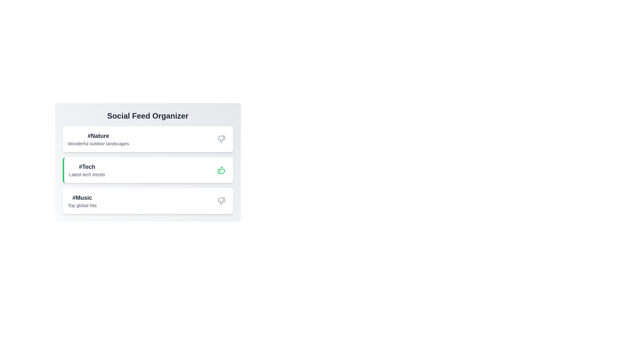 This screenshot has width=619, height=348. Describe the element at coordinates (86, 166) in the screenshot. I see `the category text Tech to select it` at that location.